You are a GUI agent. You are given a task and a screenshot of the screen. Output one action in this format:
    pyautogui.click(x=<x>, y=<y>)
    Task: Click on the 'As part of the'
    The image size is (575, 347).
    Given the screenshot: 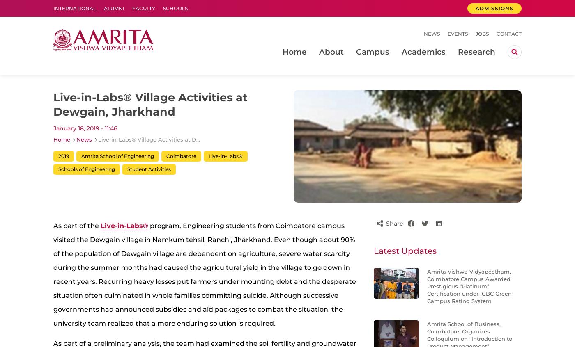 What is the action you would take?
    pyautogui.click(x=53, y=226)
    